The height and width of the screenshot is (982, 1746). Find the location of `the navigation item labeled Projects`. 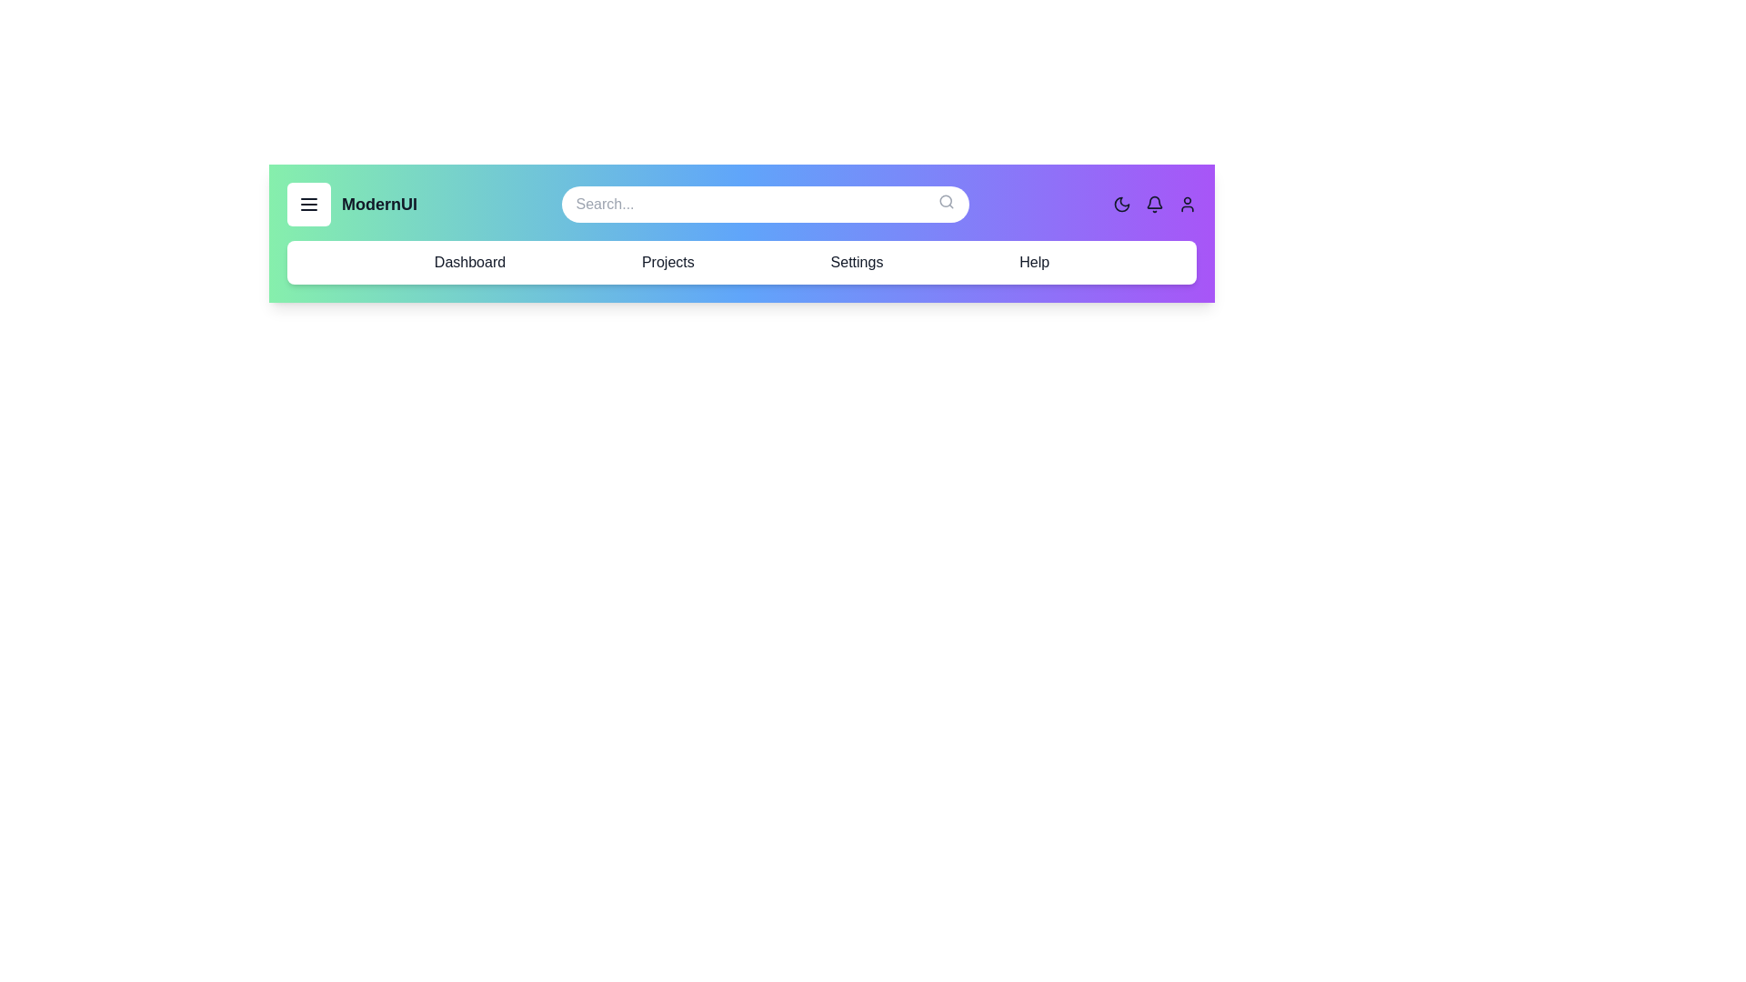

the navigation item labeled Projects is located at coordinates (667, 263).